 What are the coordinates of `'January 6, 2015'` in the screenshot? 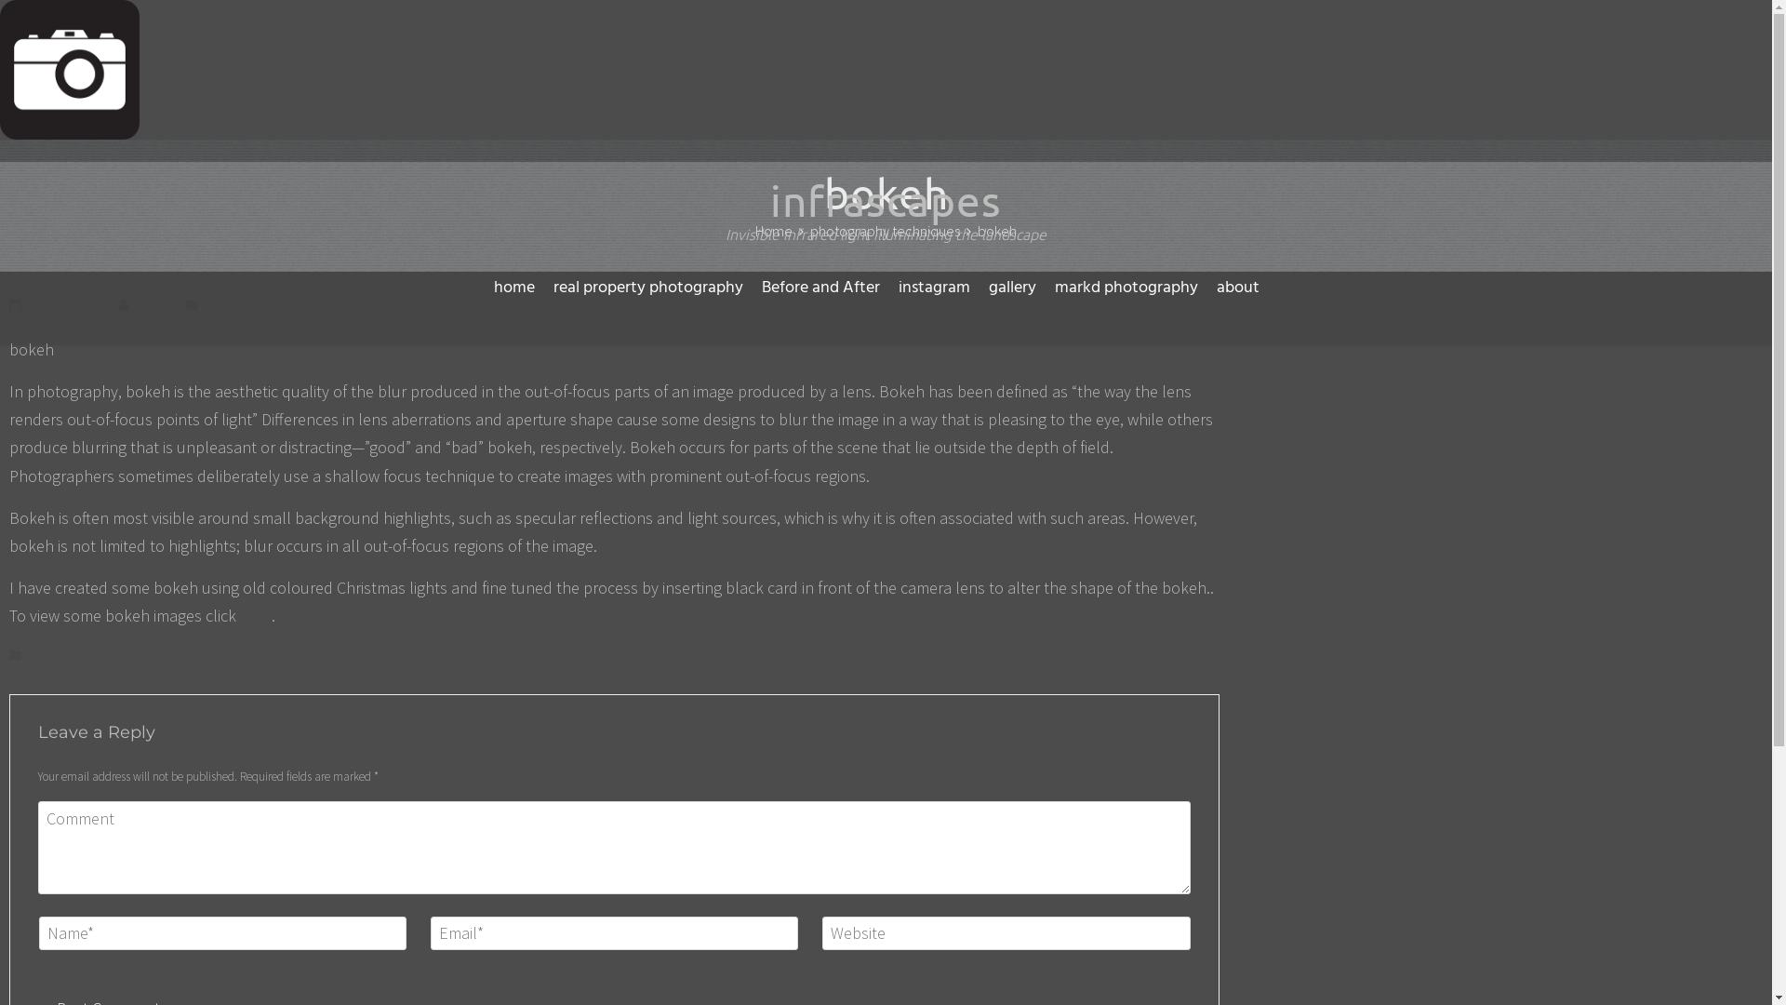 It's located at (67, 303).